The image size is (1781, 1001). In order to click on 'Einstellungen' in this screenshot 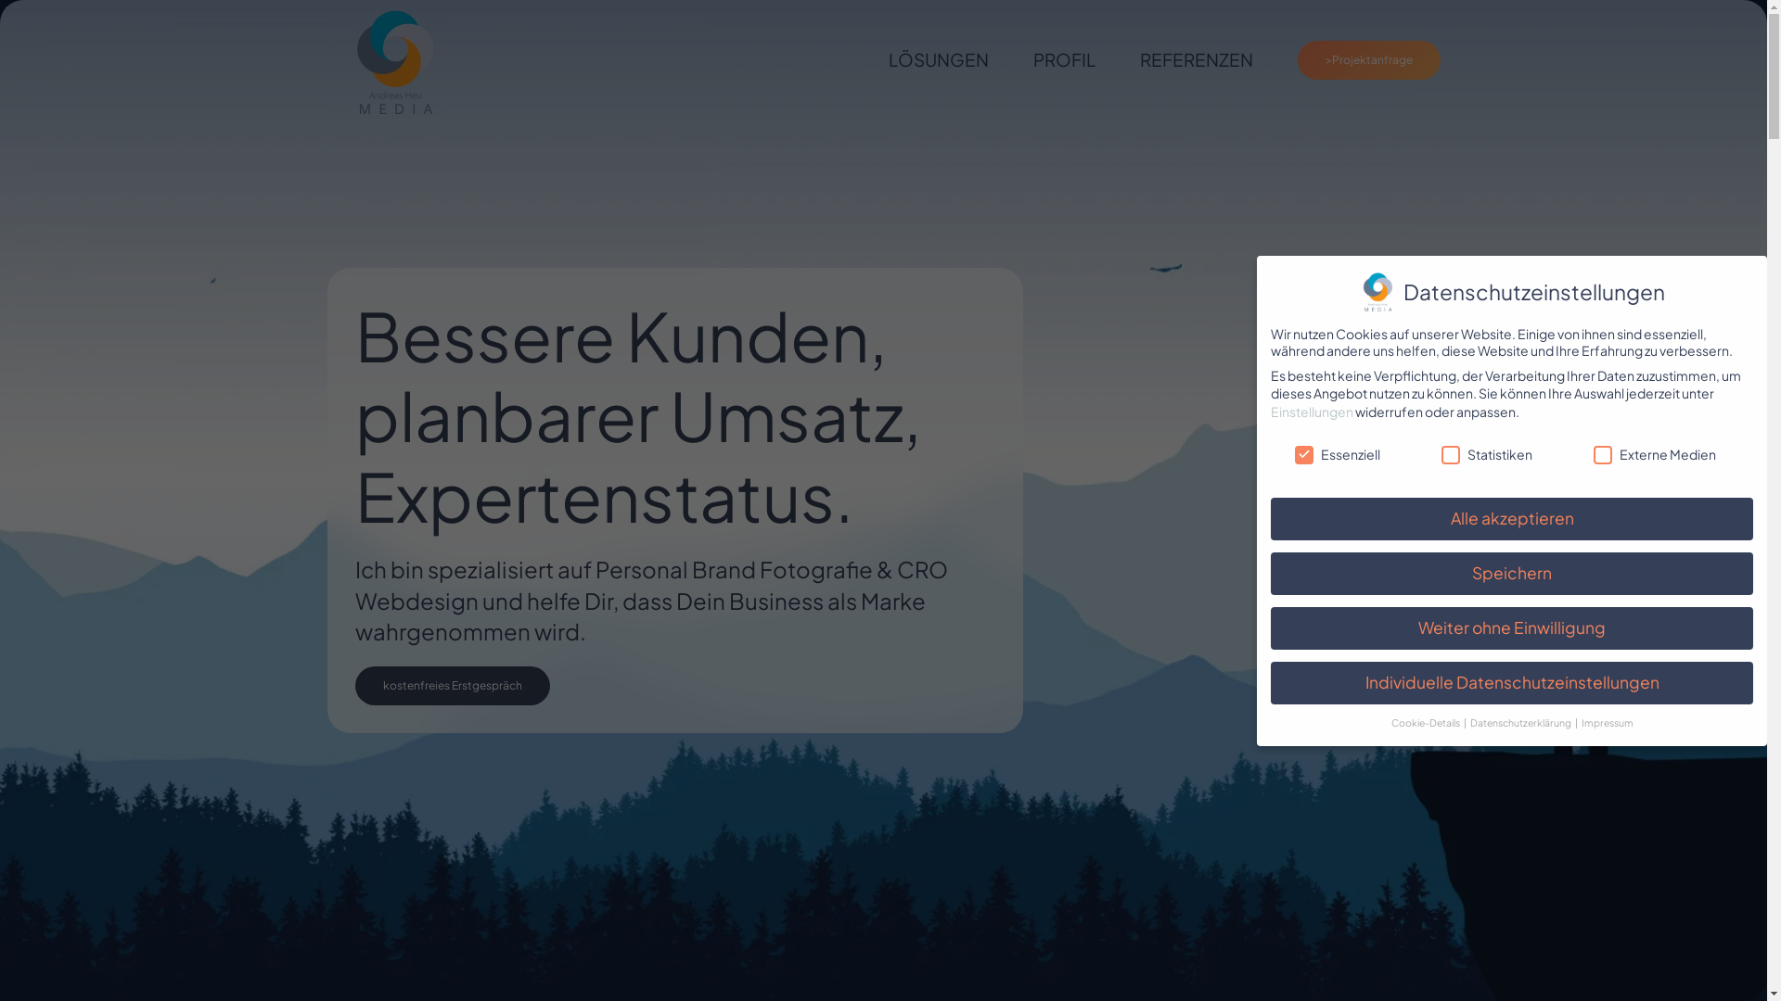, I will do `click(1311, 410)`.